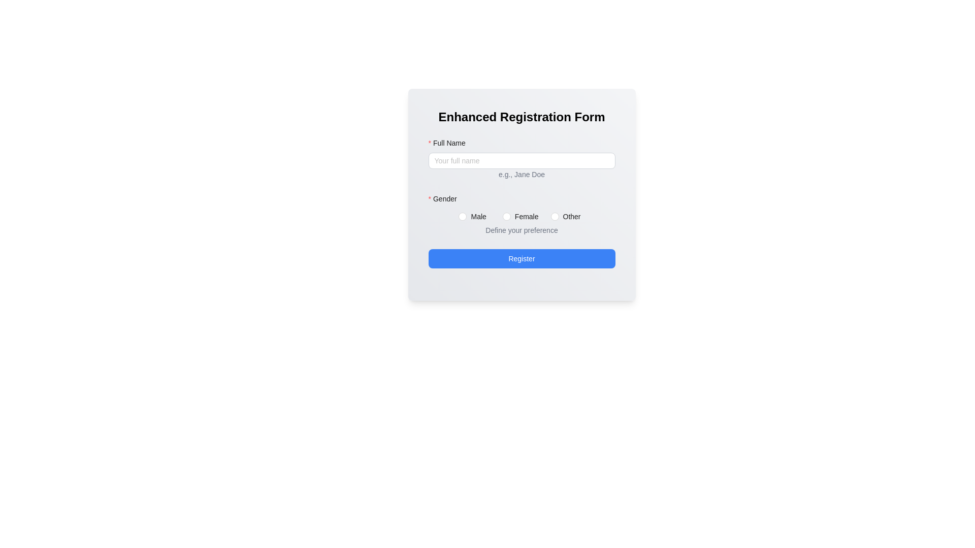 This screenshot has height=548, width=975. Describe the element at coordinates (567, 216) in the screenshot. I see `the 'Other' radio button in the gender selection field of the form, which is the third radio button aligned to the right of the 'Female' option` at that location.